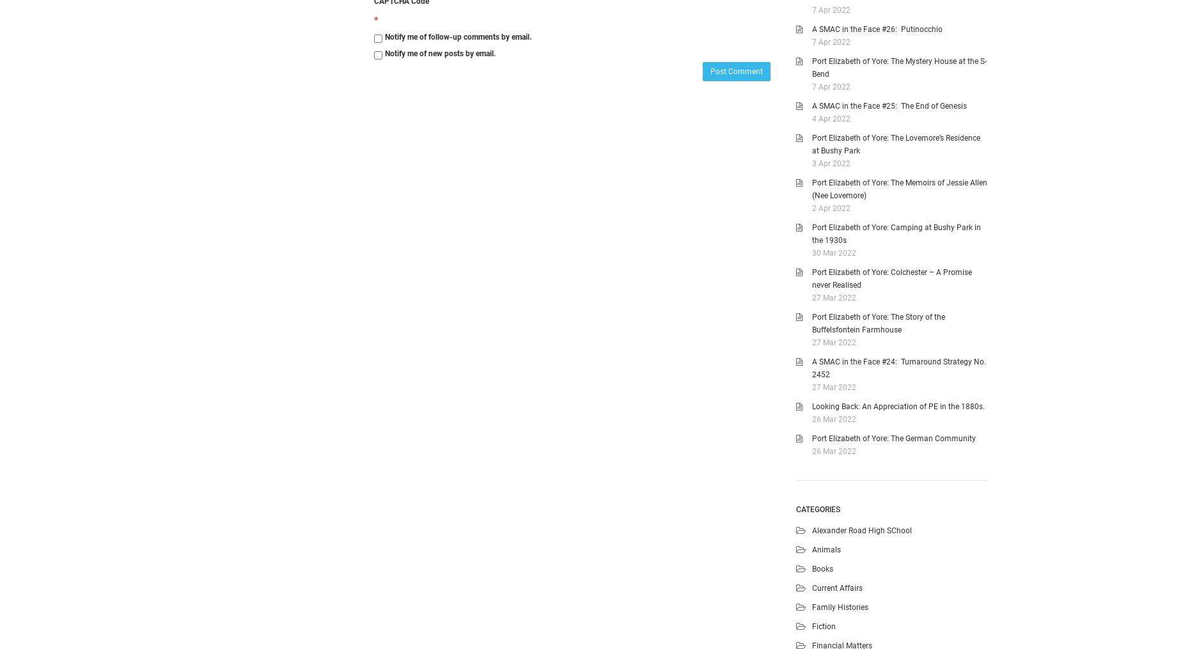 The image size is (1183, 649). Describe the element at coordinates (836, 586) in the screenshot. I see `'Current Affairs'` at that location.